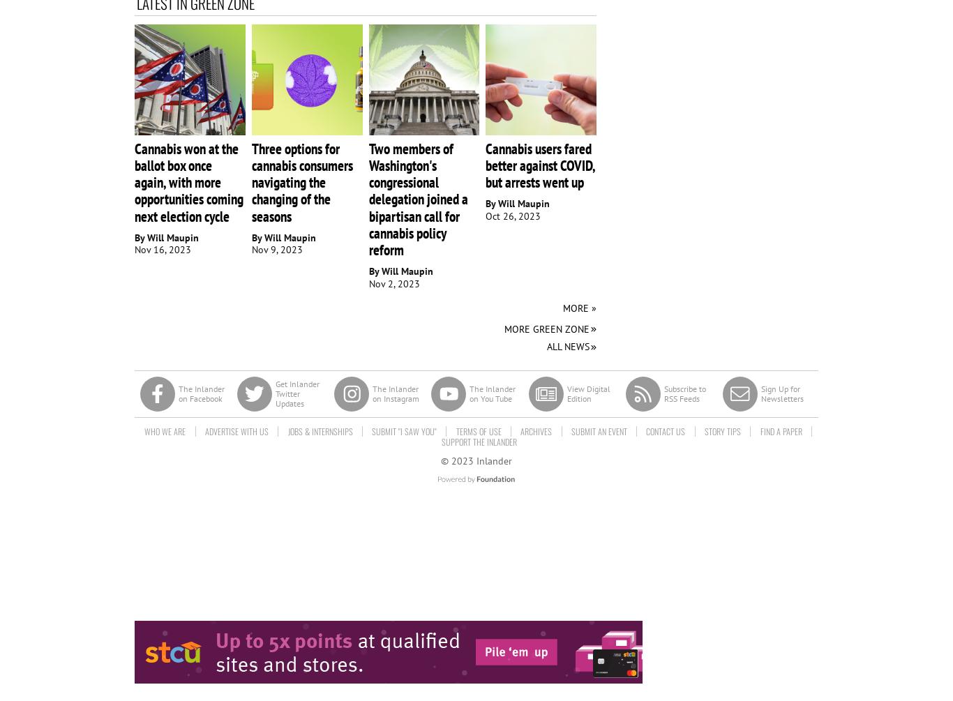  I want to click on 'Who We Are', so click(143, 430).